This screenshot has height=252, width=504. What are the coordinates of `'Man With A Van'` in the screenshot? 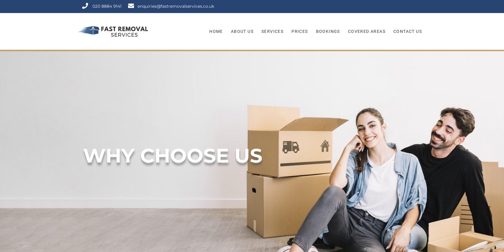 It's located at (277, 84).